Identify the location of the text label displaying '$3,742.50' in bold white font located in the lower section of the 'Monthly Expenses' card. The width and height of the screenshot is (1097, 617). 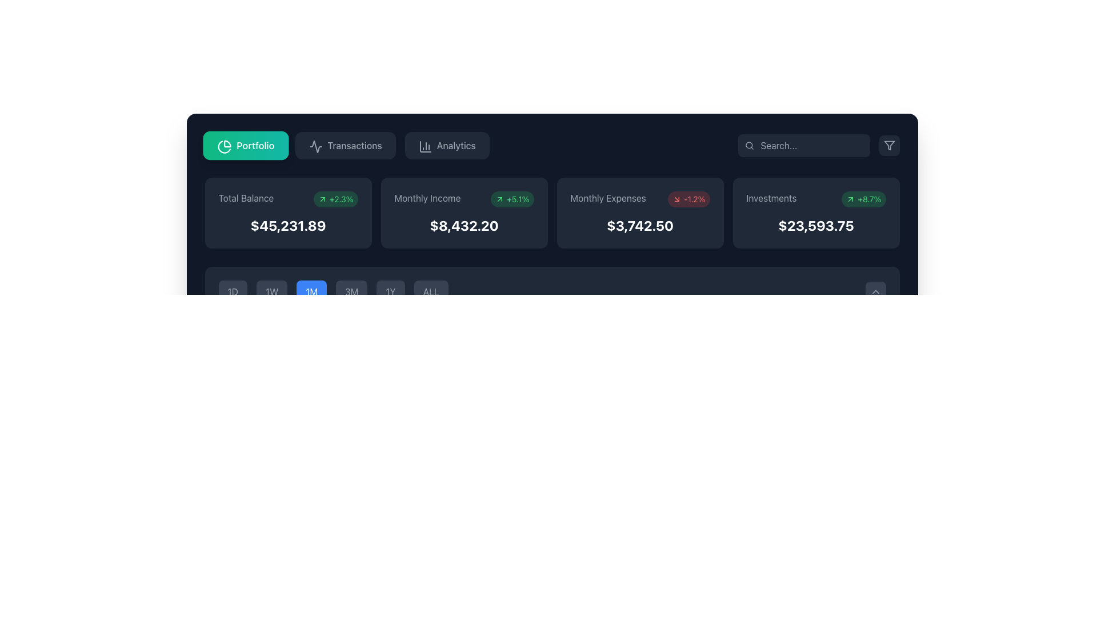
(640, 225).